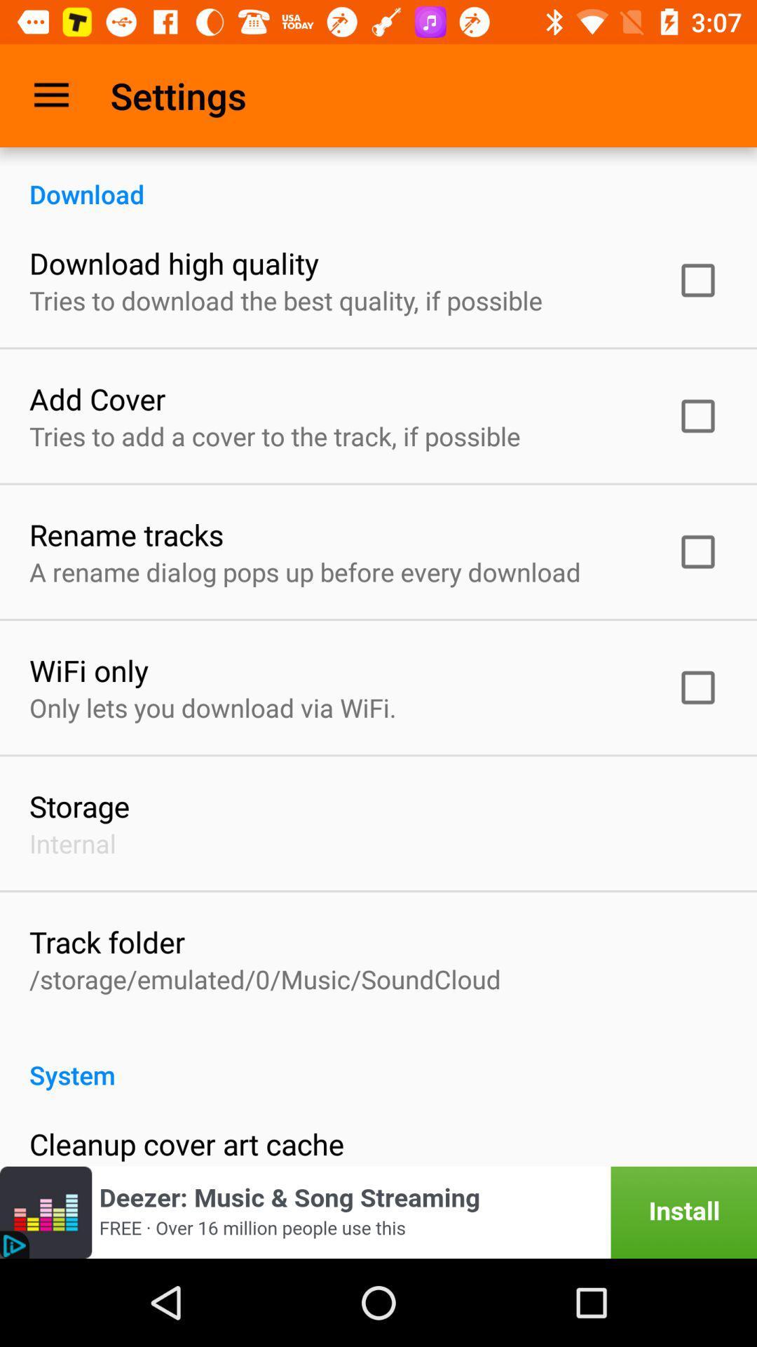 The height and width of the screenshot is (1347, 757). Describe the element at coordinates (378, 1212) in the screenshot. I see `install app` at that location.